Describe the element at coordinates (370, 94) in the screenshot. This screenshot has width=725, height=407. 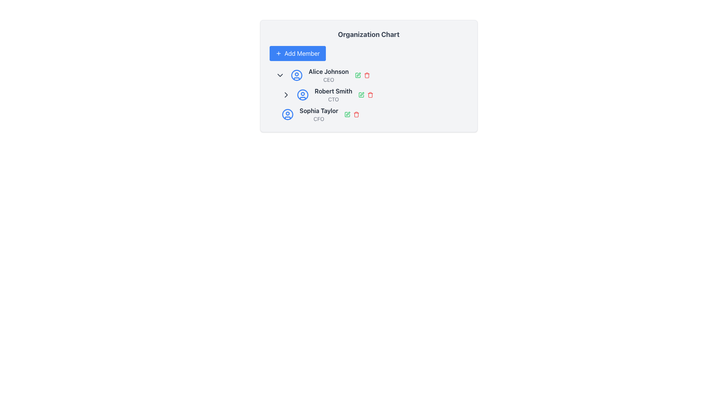
I see `the delete button located at the far right of the second row labeled 'Robert Smith, CTO'` at that location.